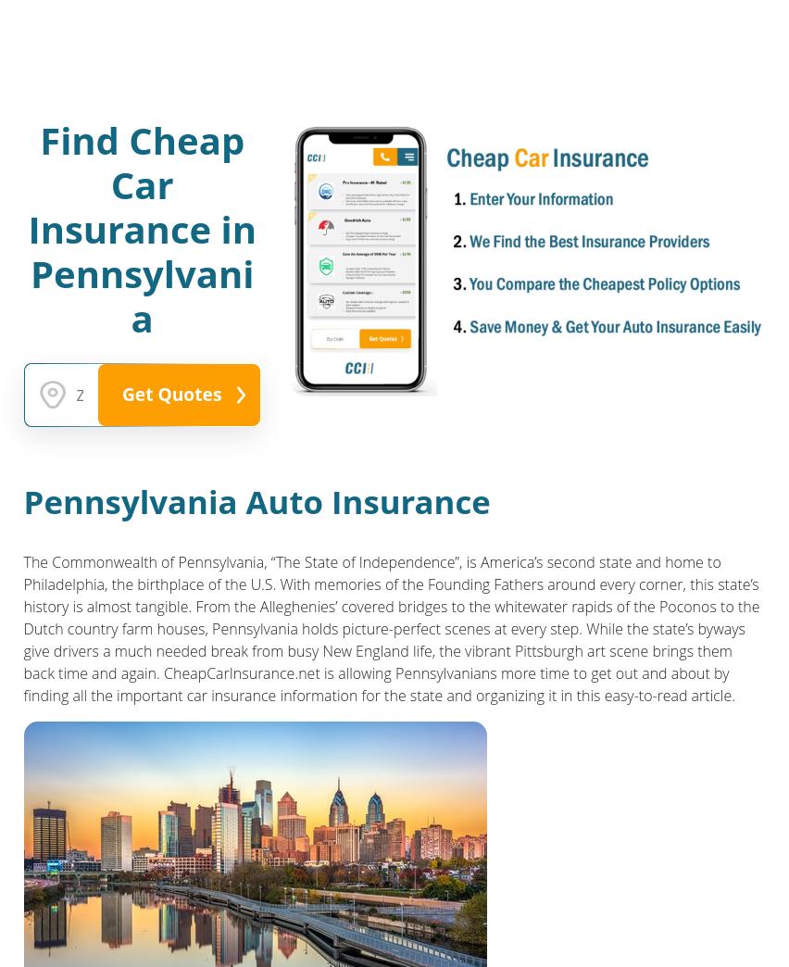 The width and height of the screenshot is (789, 967). I want to click on 'Mandatory 6 months probation', so click(186, 246).